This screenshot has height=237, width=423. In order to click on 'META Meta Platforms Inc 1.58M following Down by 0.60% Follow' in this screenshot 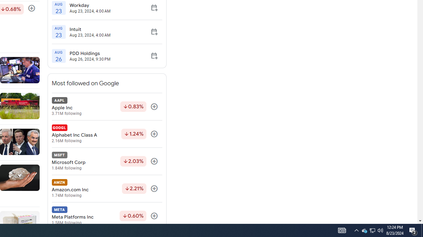, I will do `click(107, 216)`.